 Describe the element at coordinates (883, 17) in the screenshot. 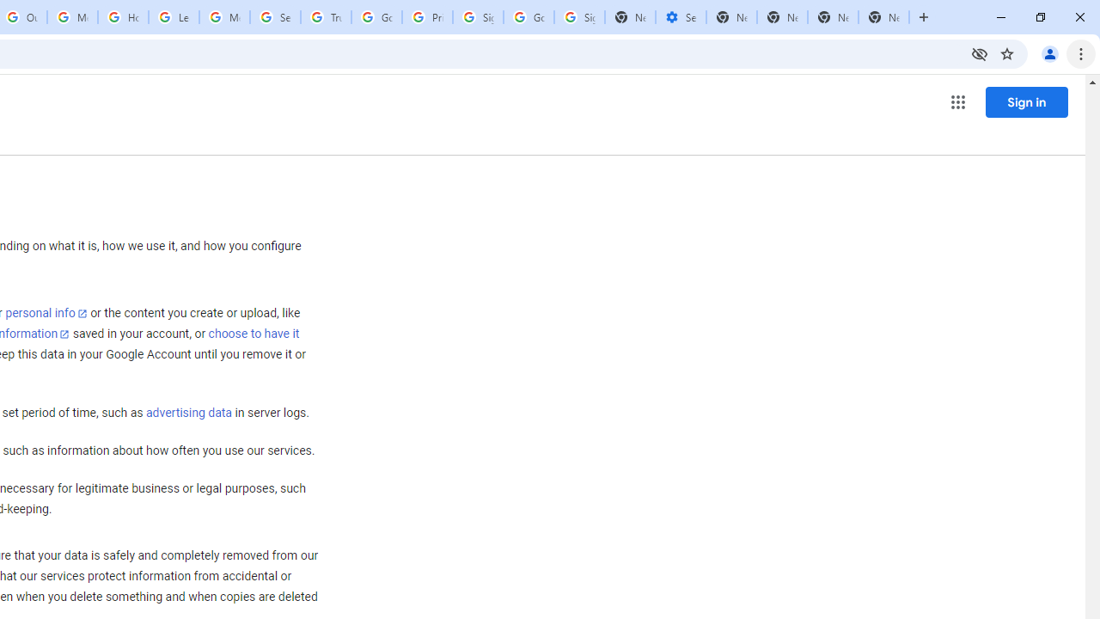

I see `'New Tab'` at that location.